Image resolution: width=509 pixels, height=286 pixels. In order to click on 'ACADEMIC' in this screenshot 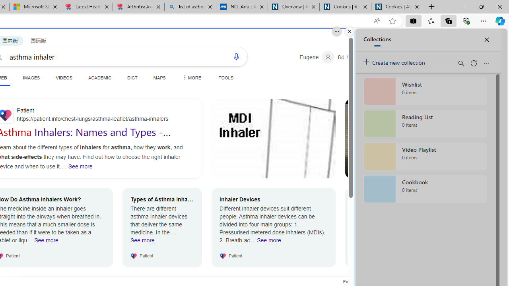, I will do `click(99, 77)`.